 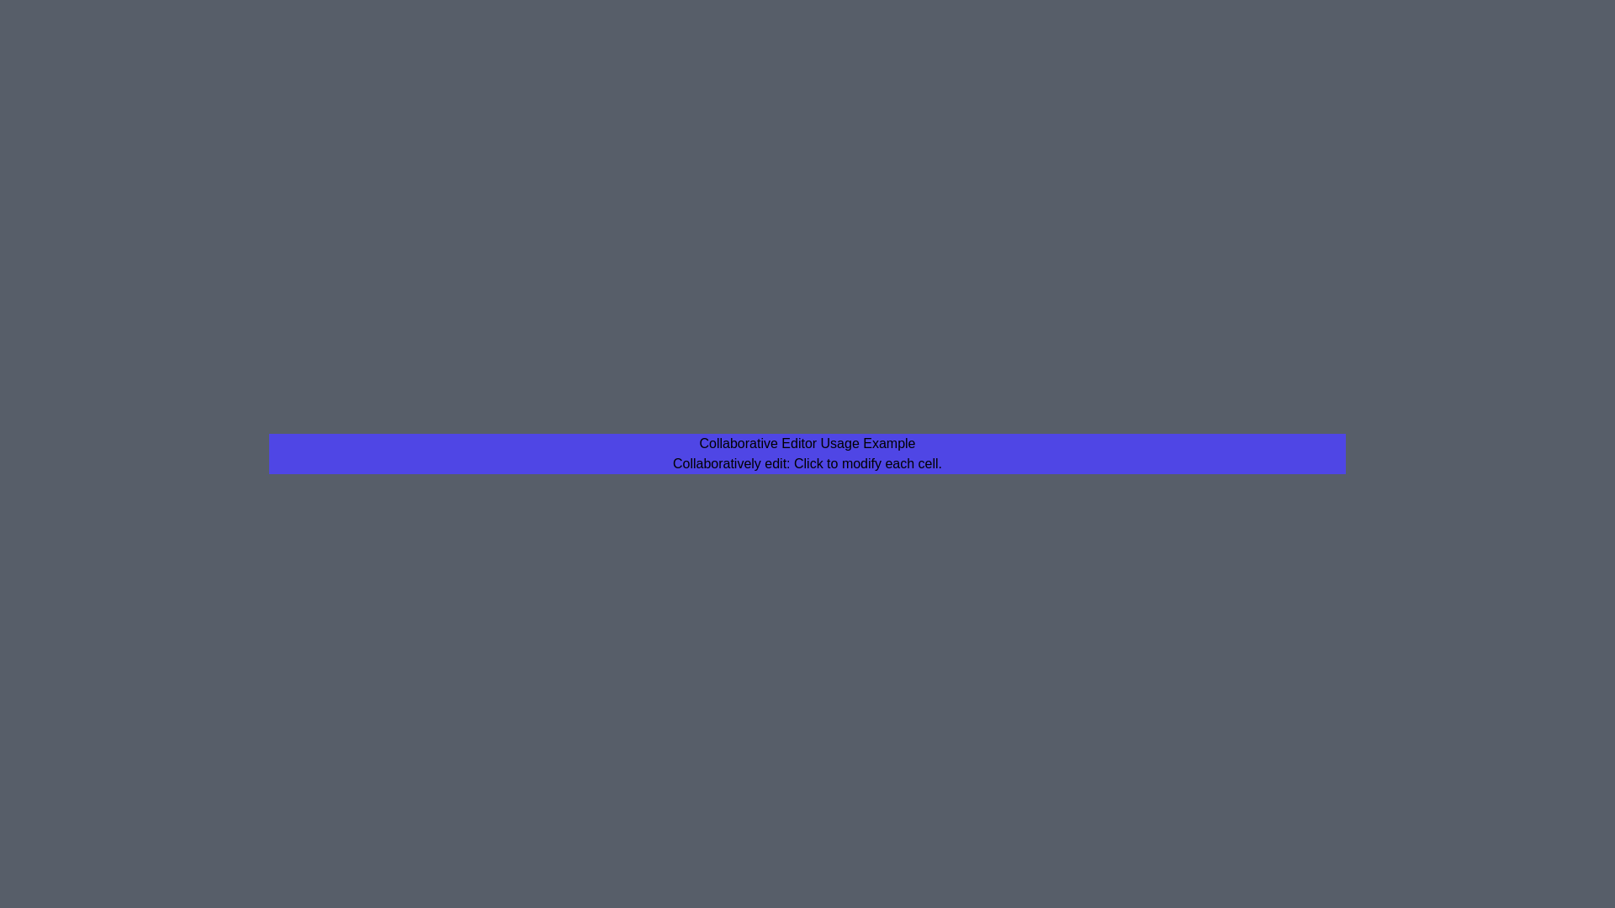 I want to click on the center of the header text to focus on it, so click(x=807, y=443).